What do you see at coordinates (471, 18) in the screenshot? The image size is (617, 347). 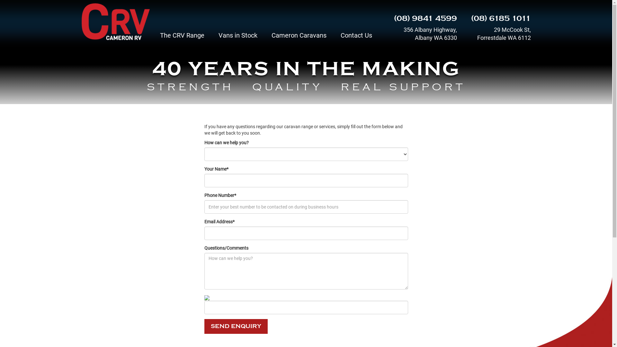 I see `'(08) 6185 1011'` at bounding box center [471, 18].